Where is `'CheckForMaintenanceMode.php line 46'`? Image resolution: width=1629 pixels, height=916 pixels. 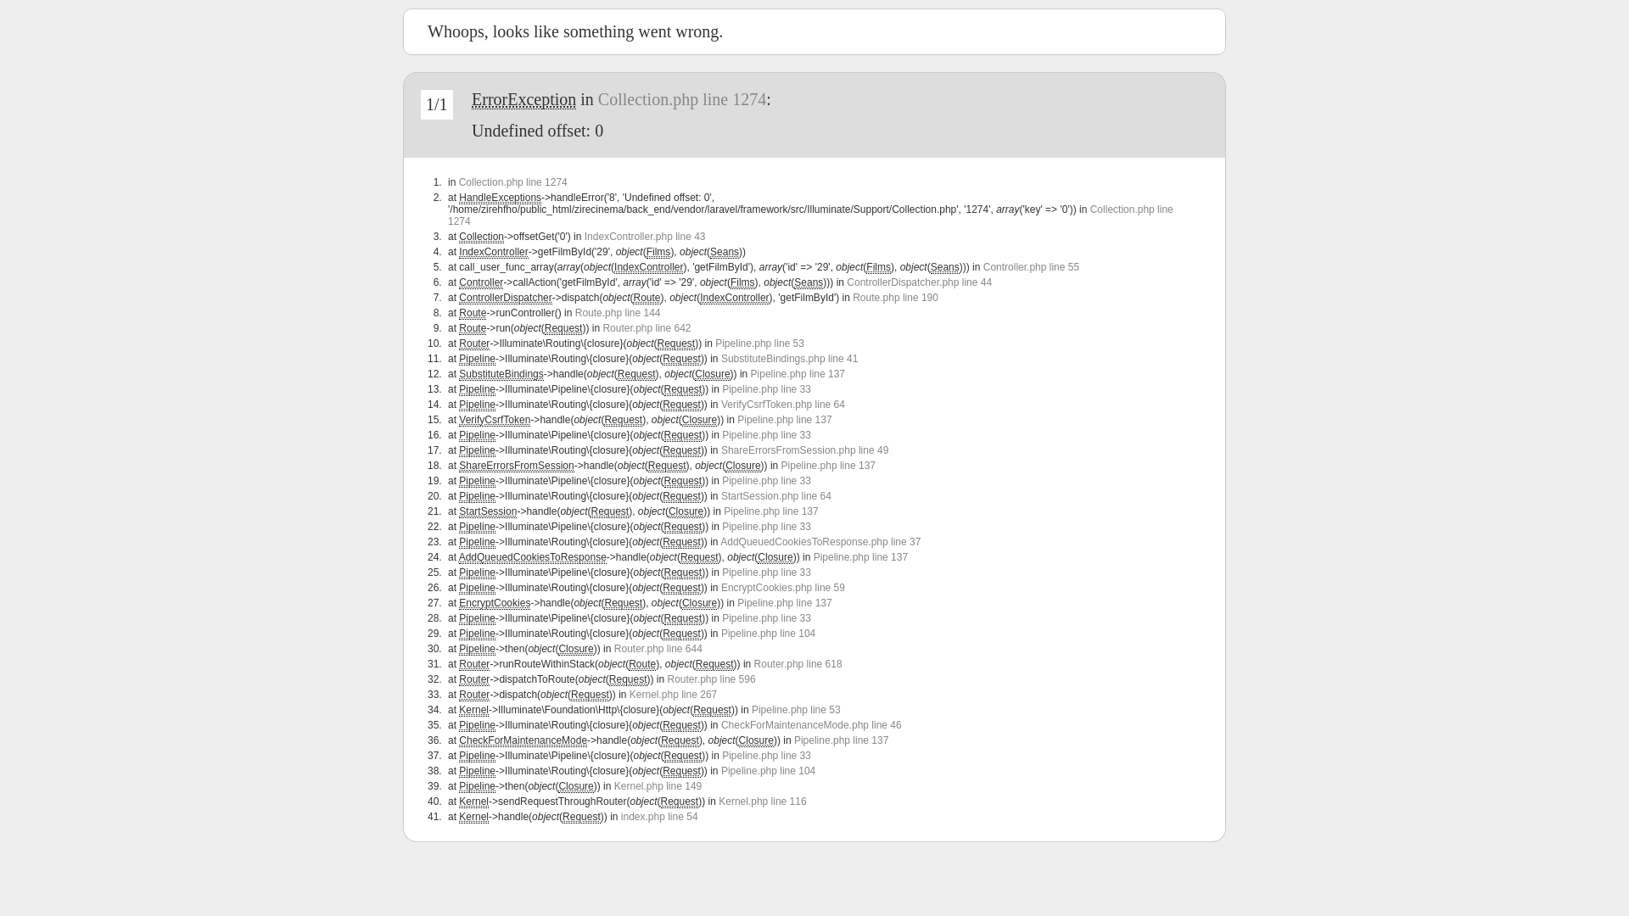
'CheckForMaintenanceMode.php line 46' is located at coordinates (810, 725).